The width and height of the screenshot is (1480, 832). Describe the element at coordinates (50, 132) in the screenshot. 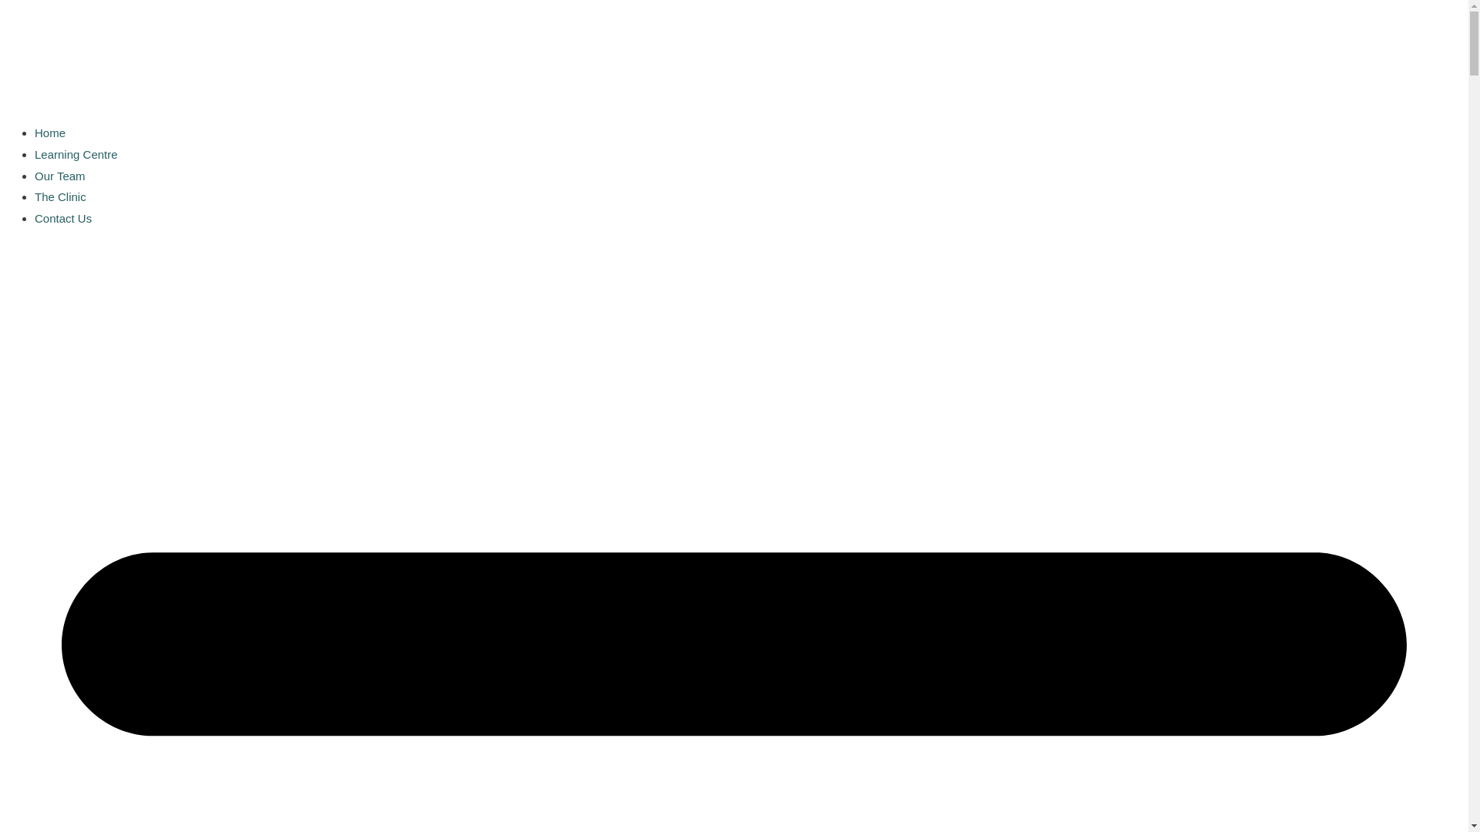

I see `'Home'` at that location.